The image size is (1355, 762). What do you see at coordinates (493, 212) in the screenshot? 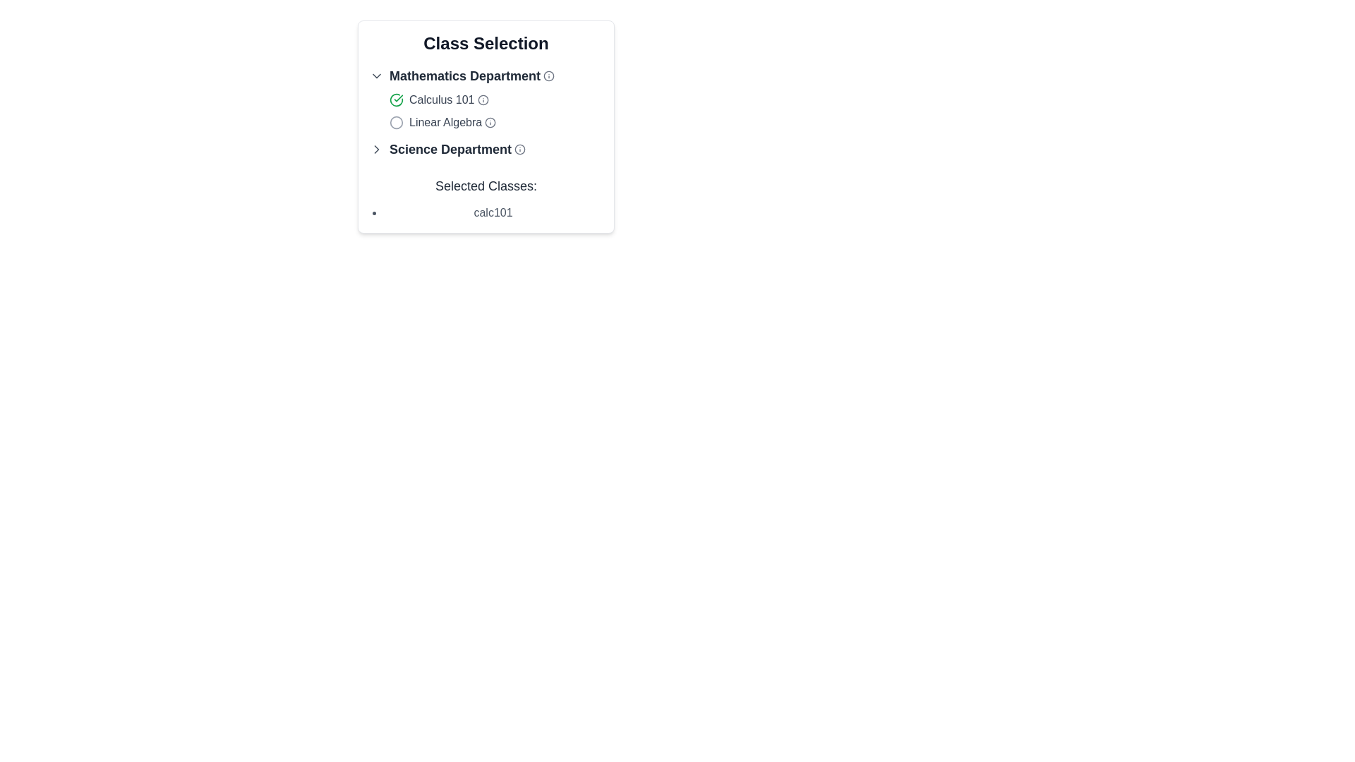
I see `the Text item displaying 'calc101' within the 'Selected Classes' subsection, indicating it has been selected from the available options` at bounding box center [493, 212].